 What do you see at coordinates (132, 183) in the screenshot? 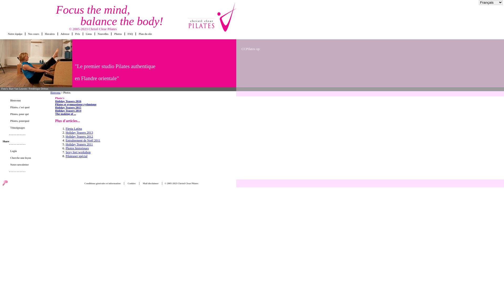
I see `'Cookies'` at bounding box center [132, 183].